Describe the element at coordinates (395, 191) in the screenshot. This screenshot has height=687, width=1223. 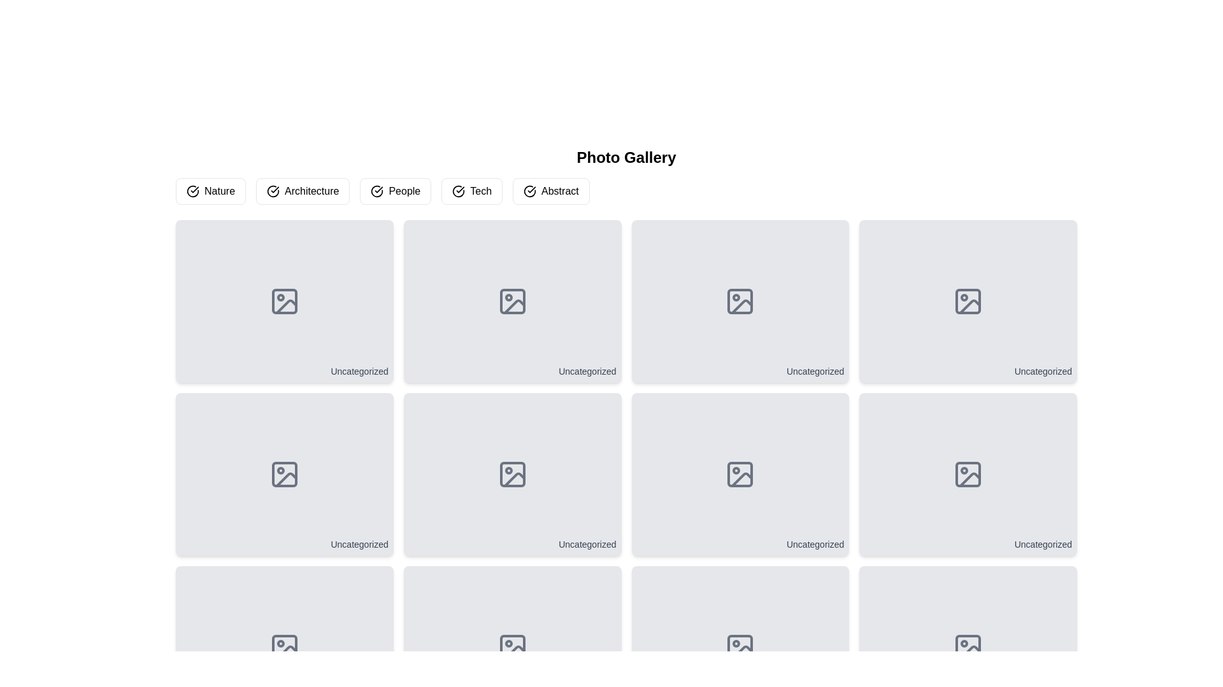
I see `the 'People' button, which is the third button from the left in a row of similar buttons` at that location.